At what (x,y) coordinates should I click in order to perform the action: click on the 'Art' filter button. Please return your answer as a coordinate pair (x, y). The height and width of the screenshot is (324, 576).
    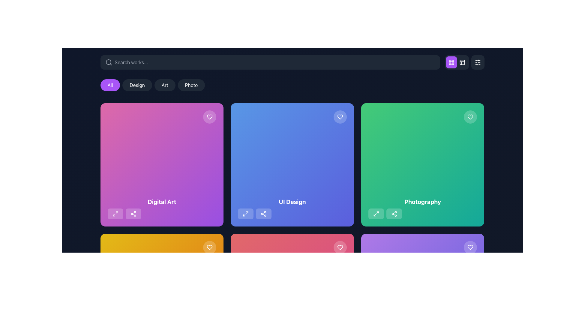
    Looking at the image, I should click on (165, 85).